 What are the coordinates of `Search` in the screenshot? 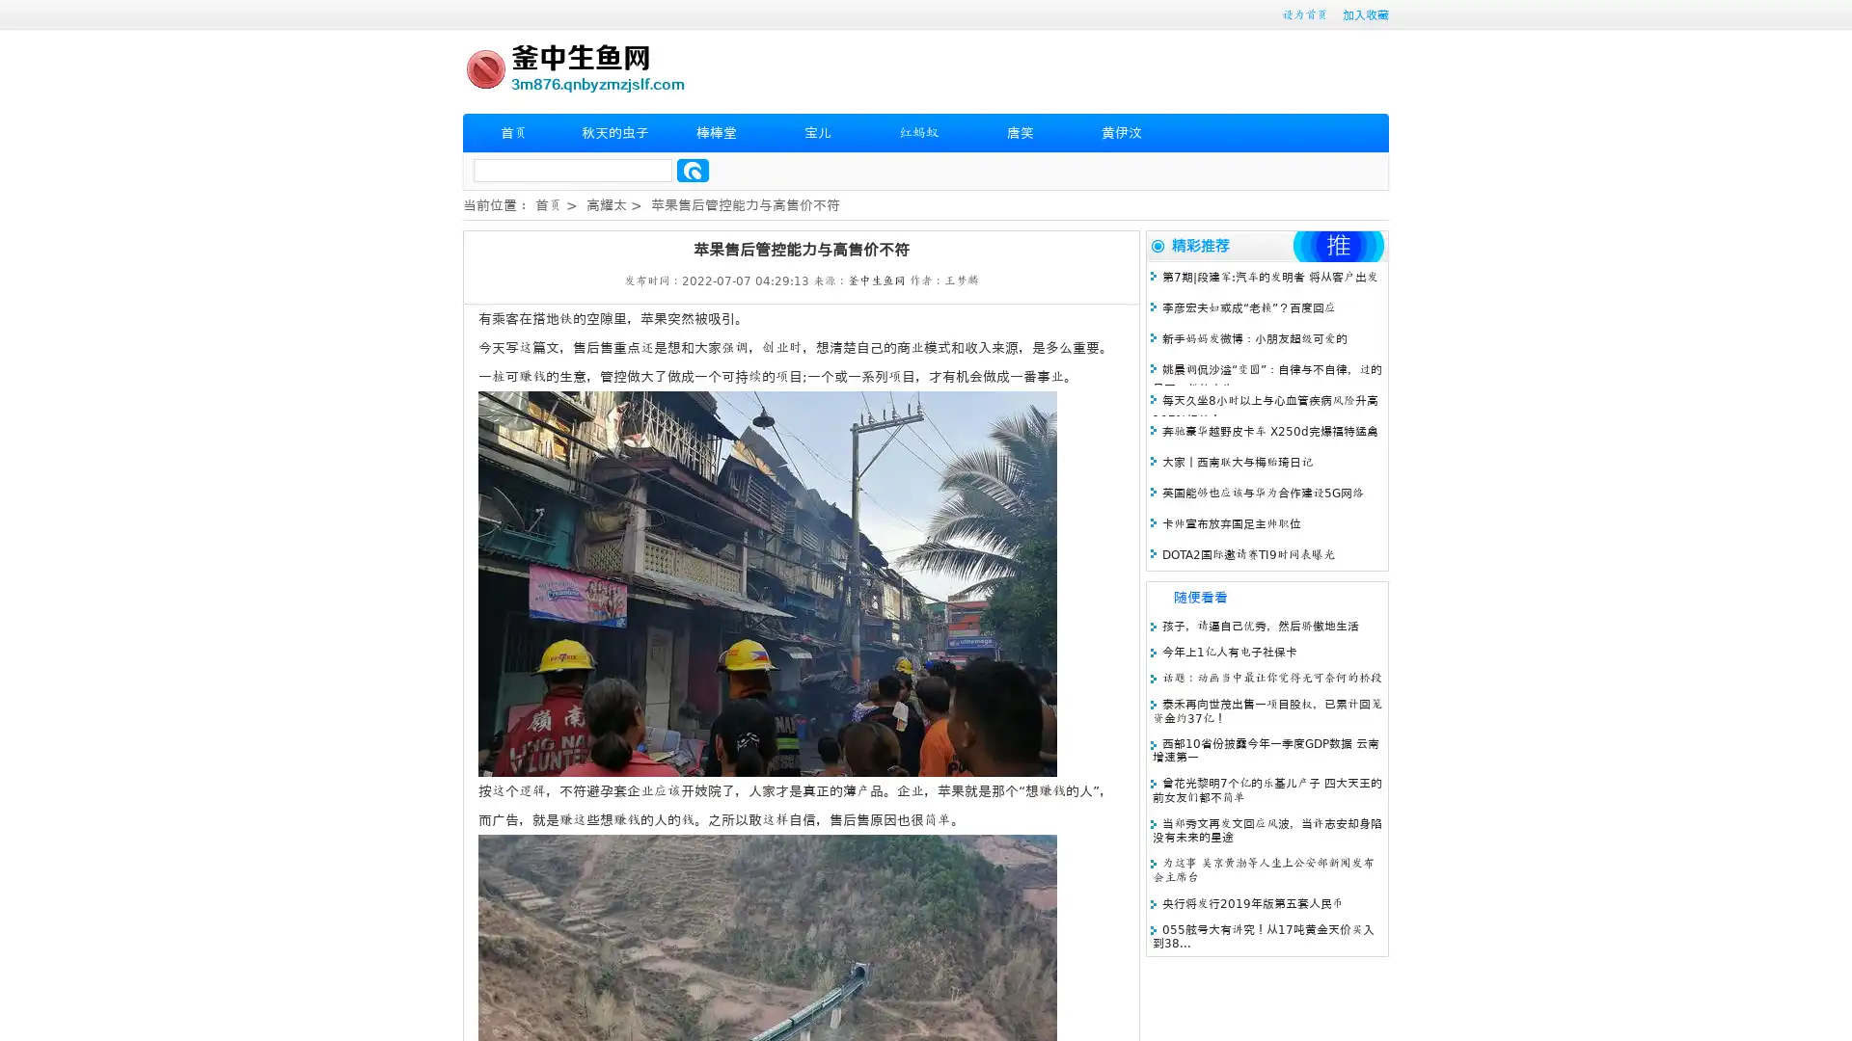 It's located at (693, 170).